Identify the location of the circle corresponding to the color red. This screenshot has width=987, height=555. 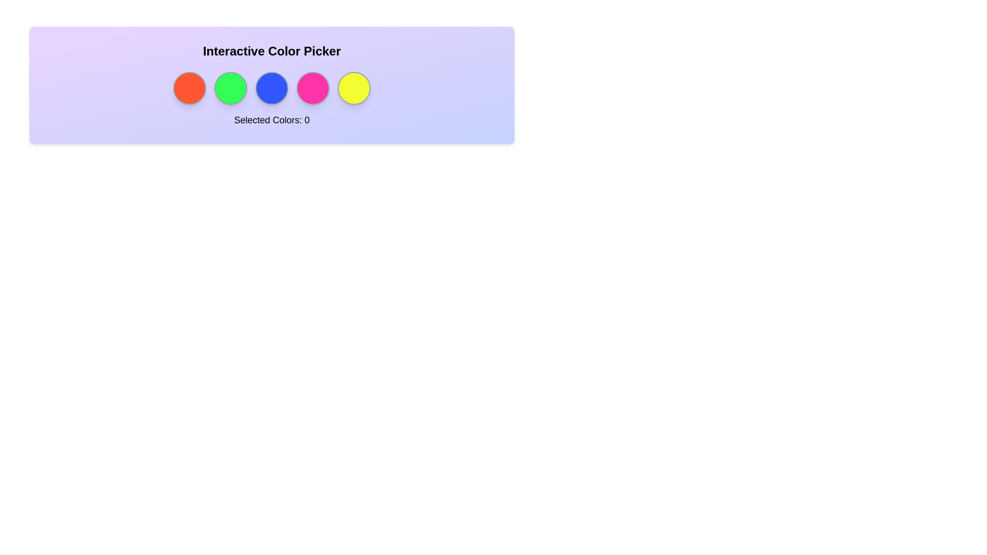
(190, 88).